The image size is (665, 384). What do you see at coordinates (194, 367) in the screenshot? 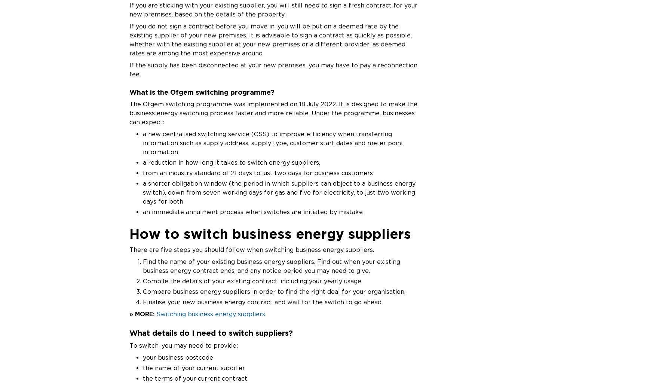
I see `'the name of your current supplier'` at bounding box center [194, 367].